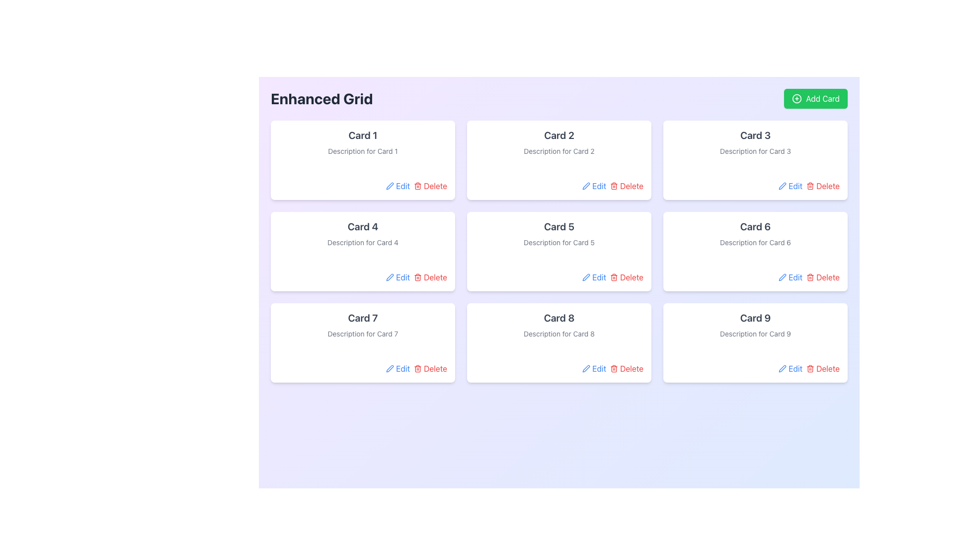 This screenshot has width=954, height=536. Describe the element at coordinates (782, 186) in the screenshot. I see `the icon located at the top-right corner of 'Card 3' to initiate editing mode` at that location.